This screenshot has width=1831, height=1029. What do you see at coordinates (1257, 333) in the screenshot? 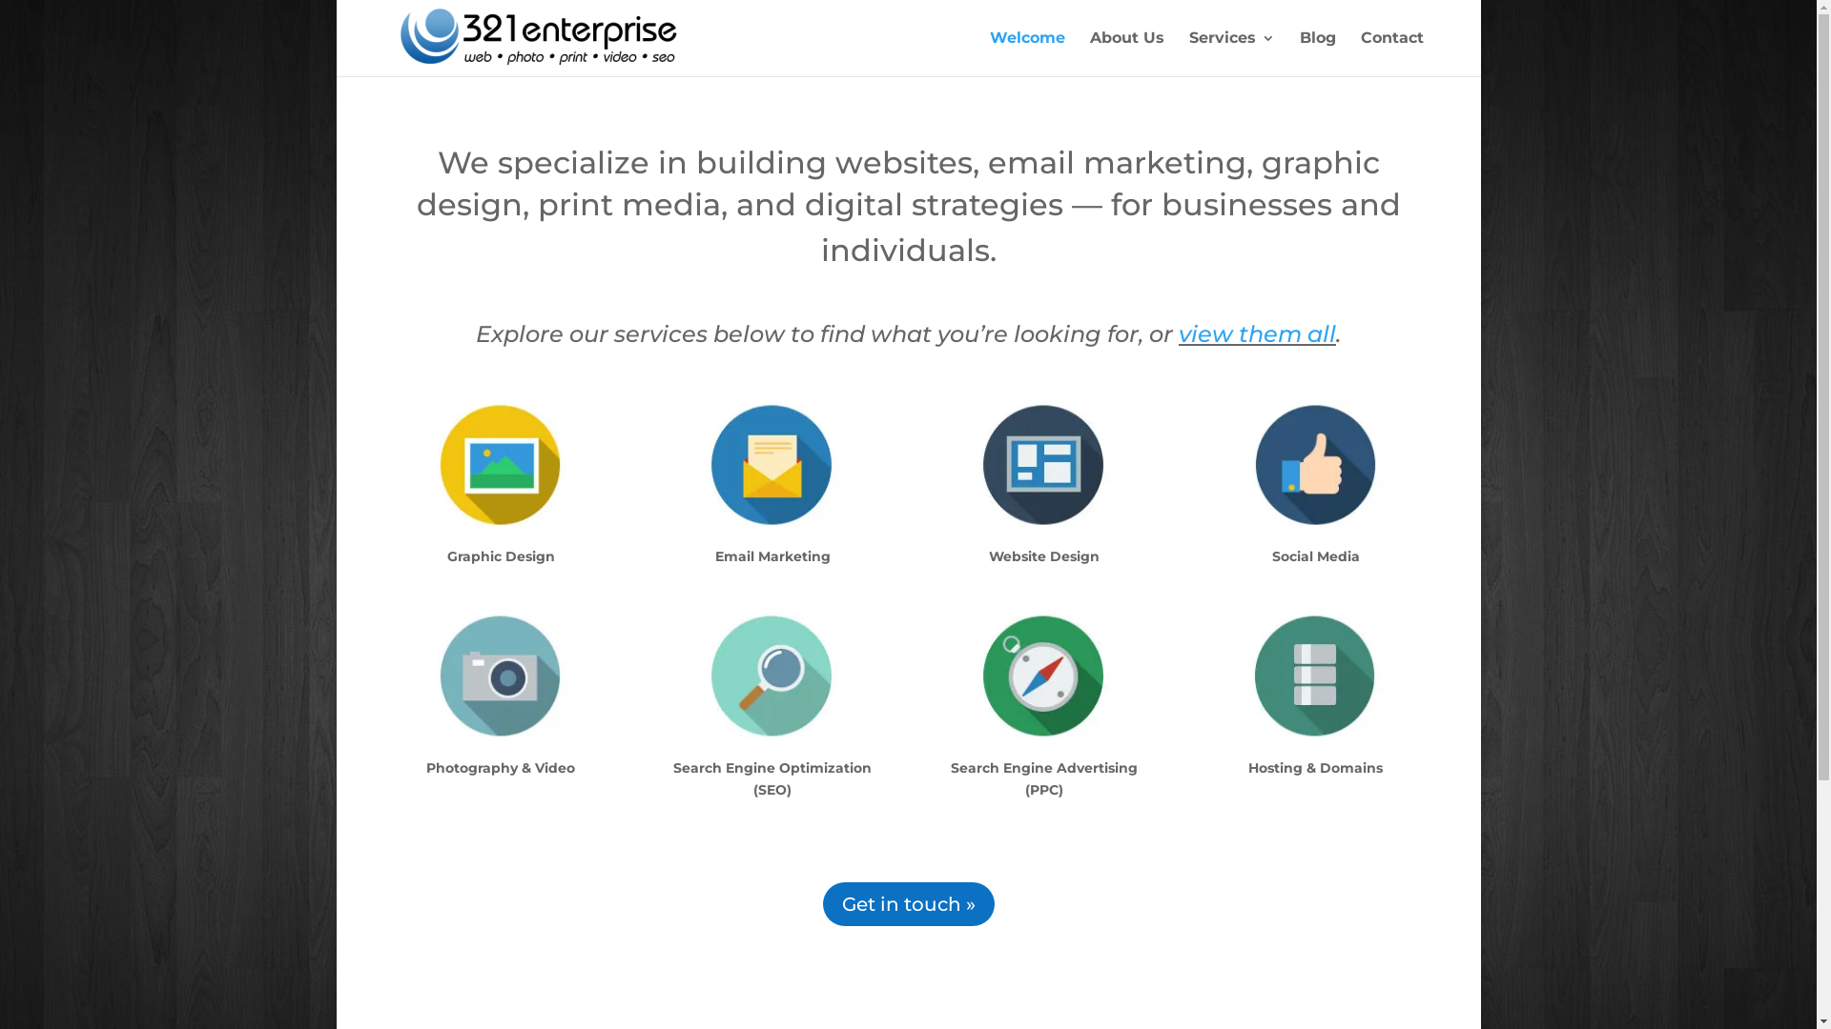
I see `'view them all'` at bounding box center [1257, 333].